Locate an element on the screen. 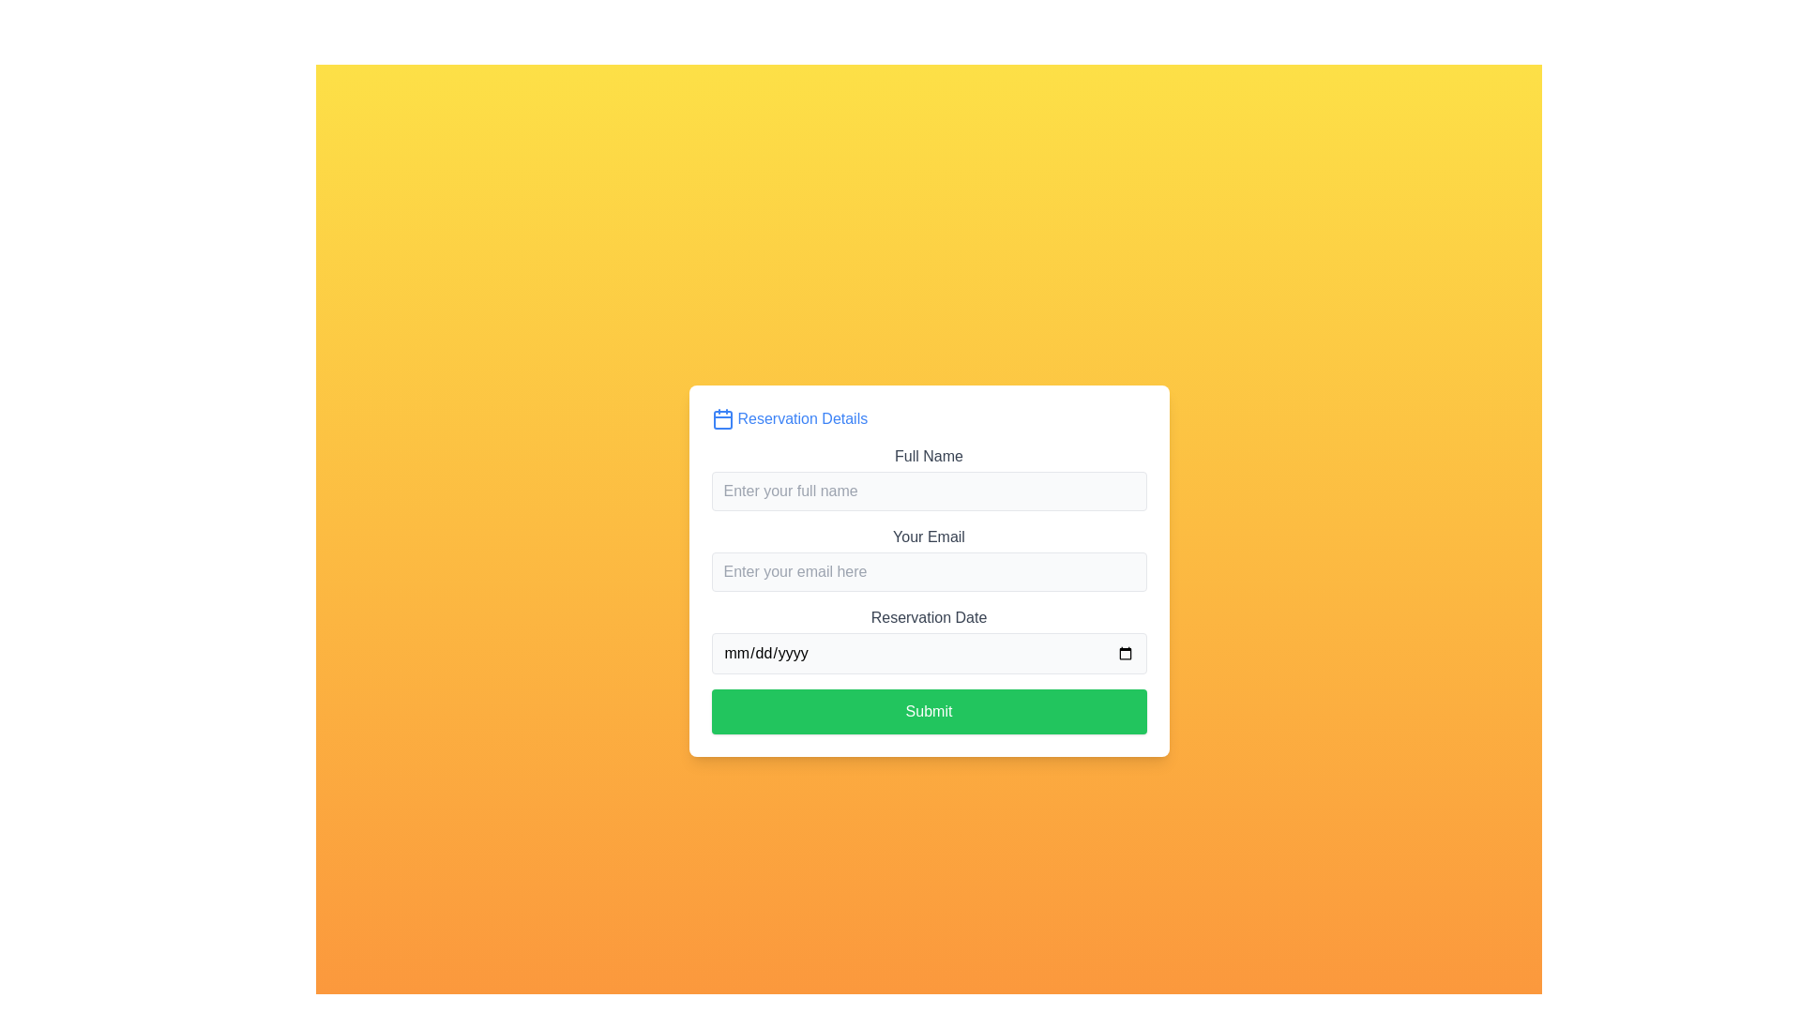 The image size is (1801, 1013). the label indicating the reservation date for the adjacent date input field, which is located above the 'mm/dd/yyyy' input and below the 'Your Email' input is located at coordinates (929, 618).